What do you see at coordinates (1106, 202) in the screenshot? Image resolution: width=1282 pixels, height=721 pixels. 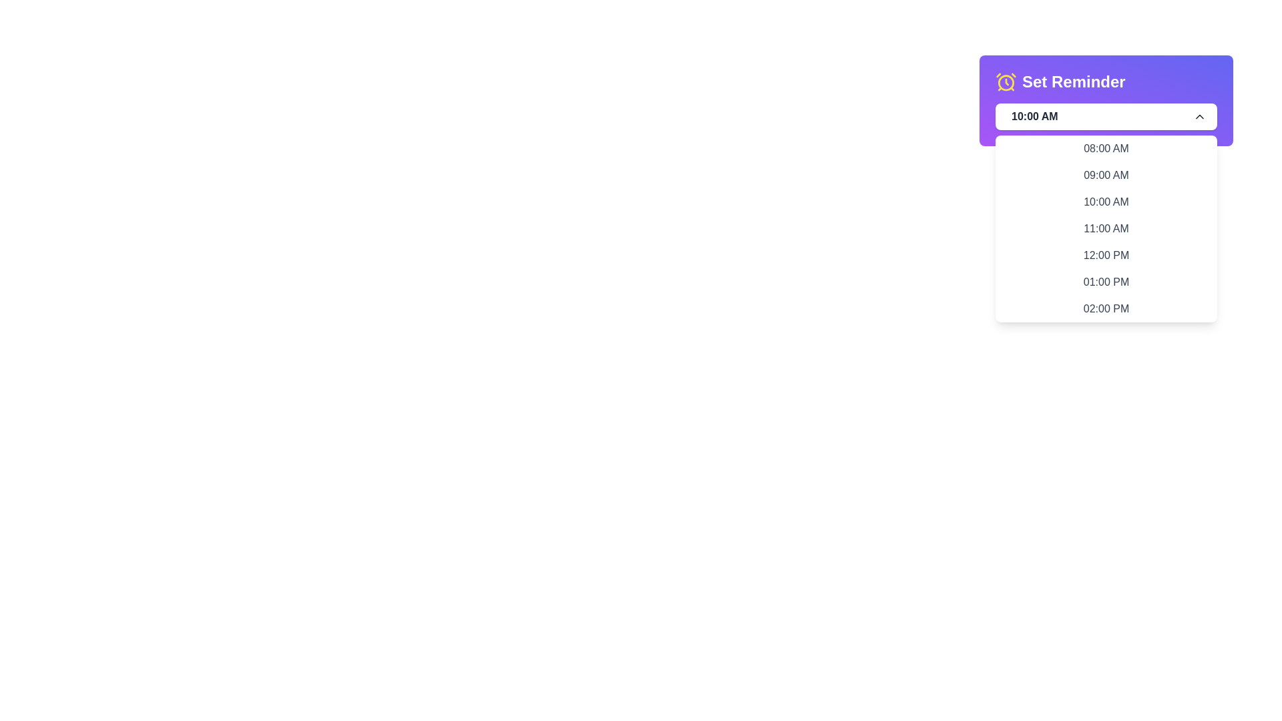 I see `the '10:00 AM' dropdown option, which is the third item in the vertical list of time options under the 'Set Reminder' header` at bounding box center [1106, 202].